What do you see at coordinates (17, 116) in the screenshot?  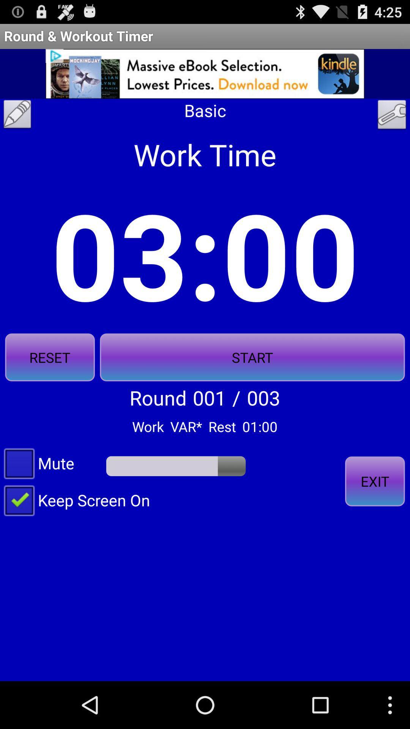 I see `edit page` at bounding box center [17, 116].